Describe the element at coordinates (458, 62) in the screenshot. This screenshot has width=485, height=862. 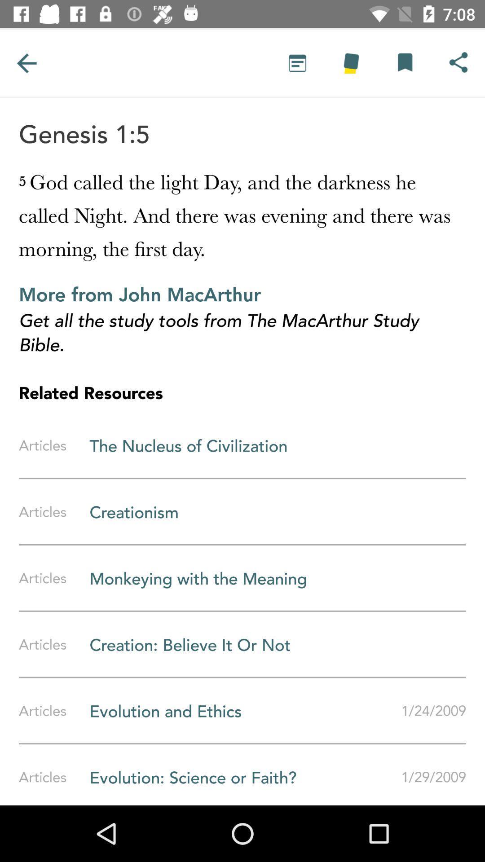
I see `share` at that location.